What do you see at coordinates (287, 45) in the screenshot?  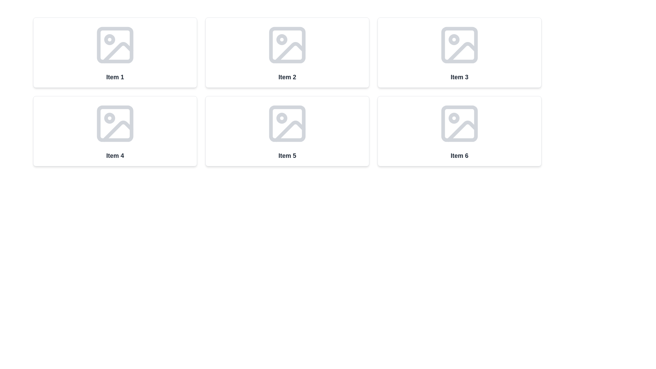 I see `the placeholder icon for the image located in the upper center part of the 'Item 2' card in the grid layout` at bounding box center [287, 45].